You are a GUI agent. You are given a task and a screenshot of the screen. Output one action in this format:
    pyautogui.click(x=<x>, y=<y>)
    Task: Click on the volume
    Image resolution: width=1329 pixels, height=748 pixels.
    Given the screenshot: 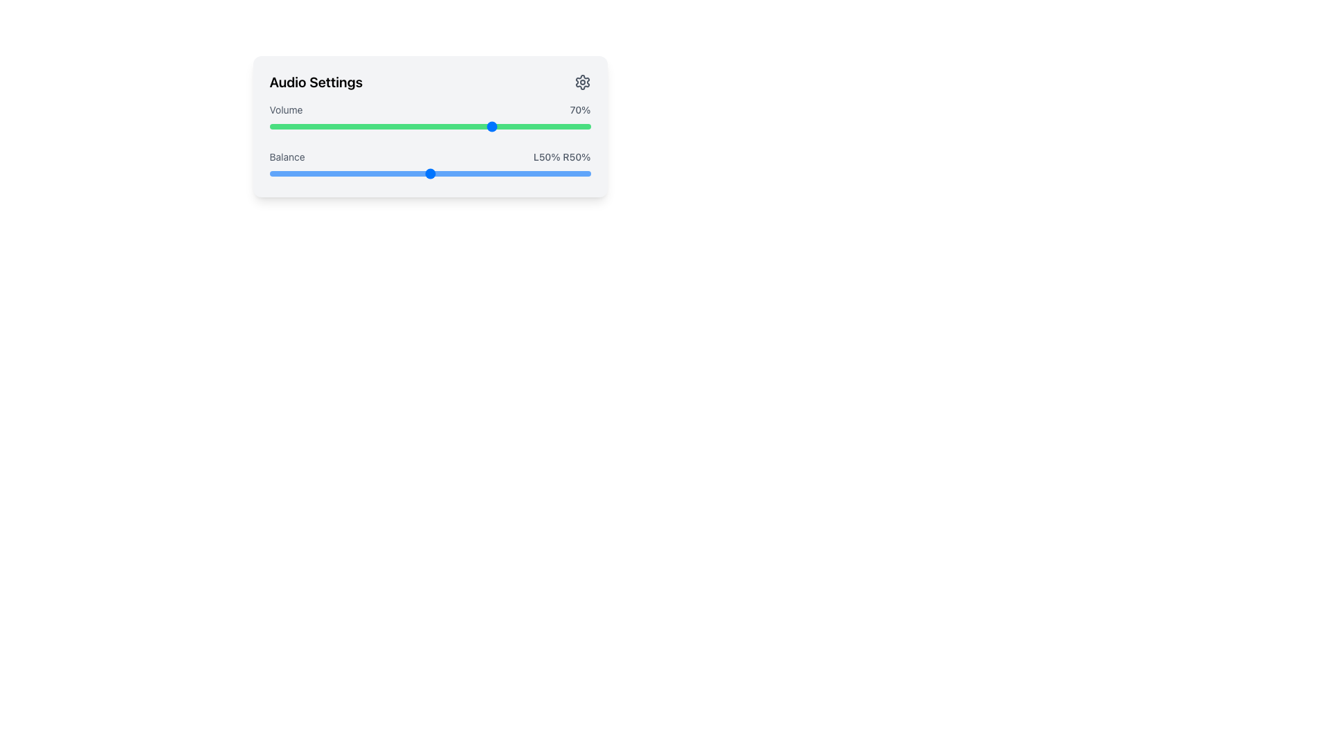 What is the action you would take?
    pyautogui.click(x=404, y=126)
    